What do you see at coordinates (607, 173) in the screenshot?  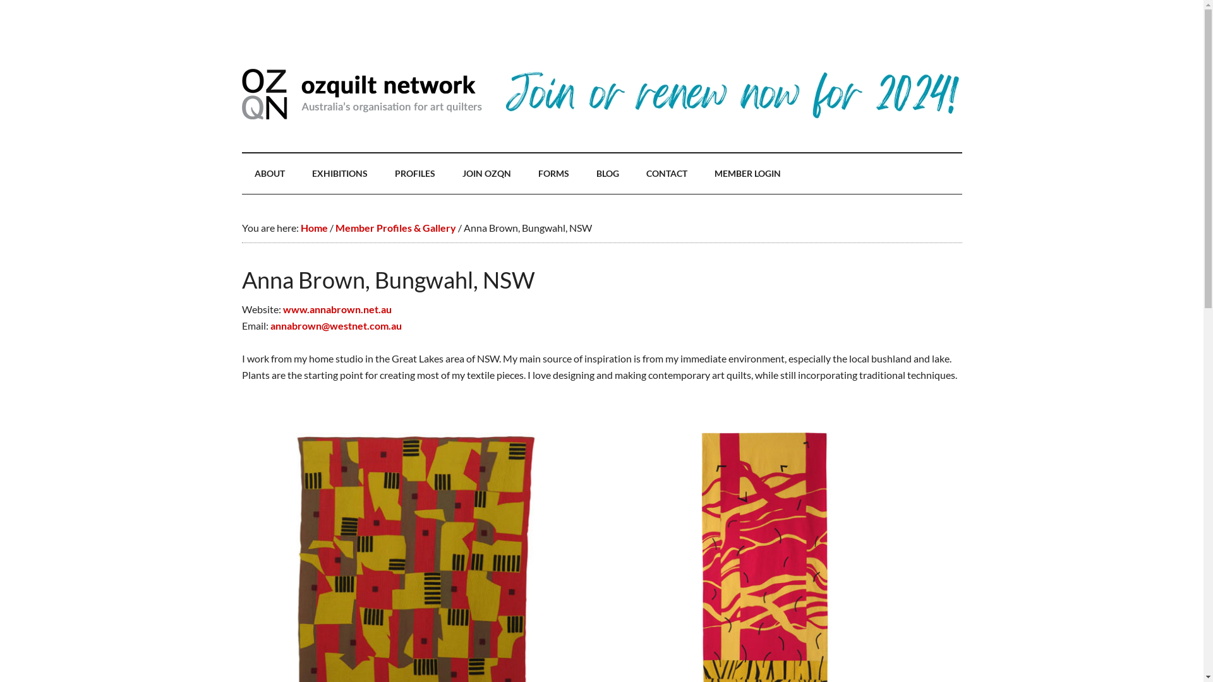 I see `'BLOG'` at bounding box center [607, 173].